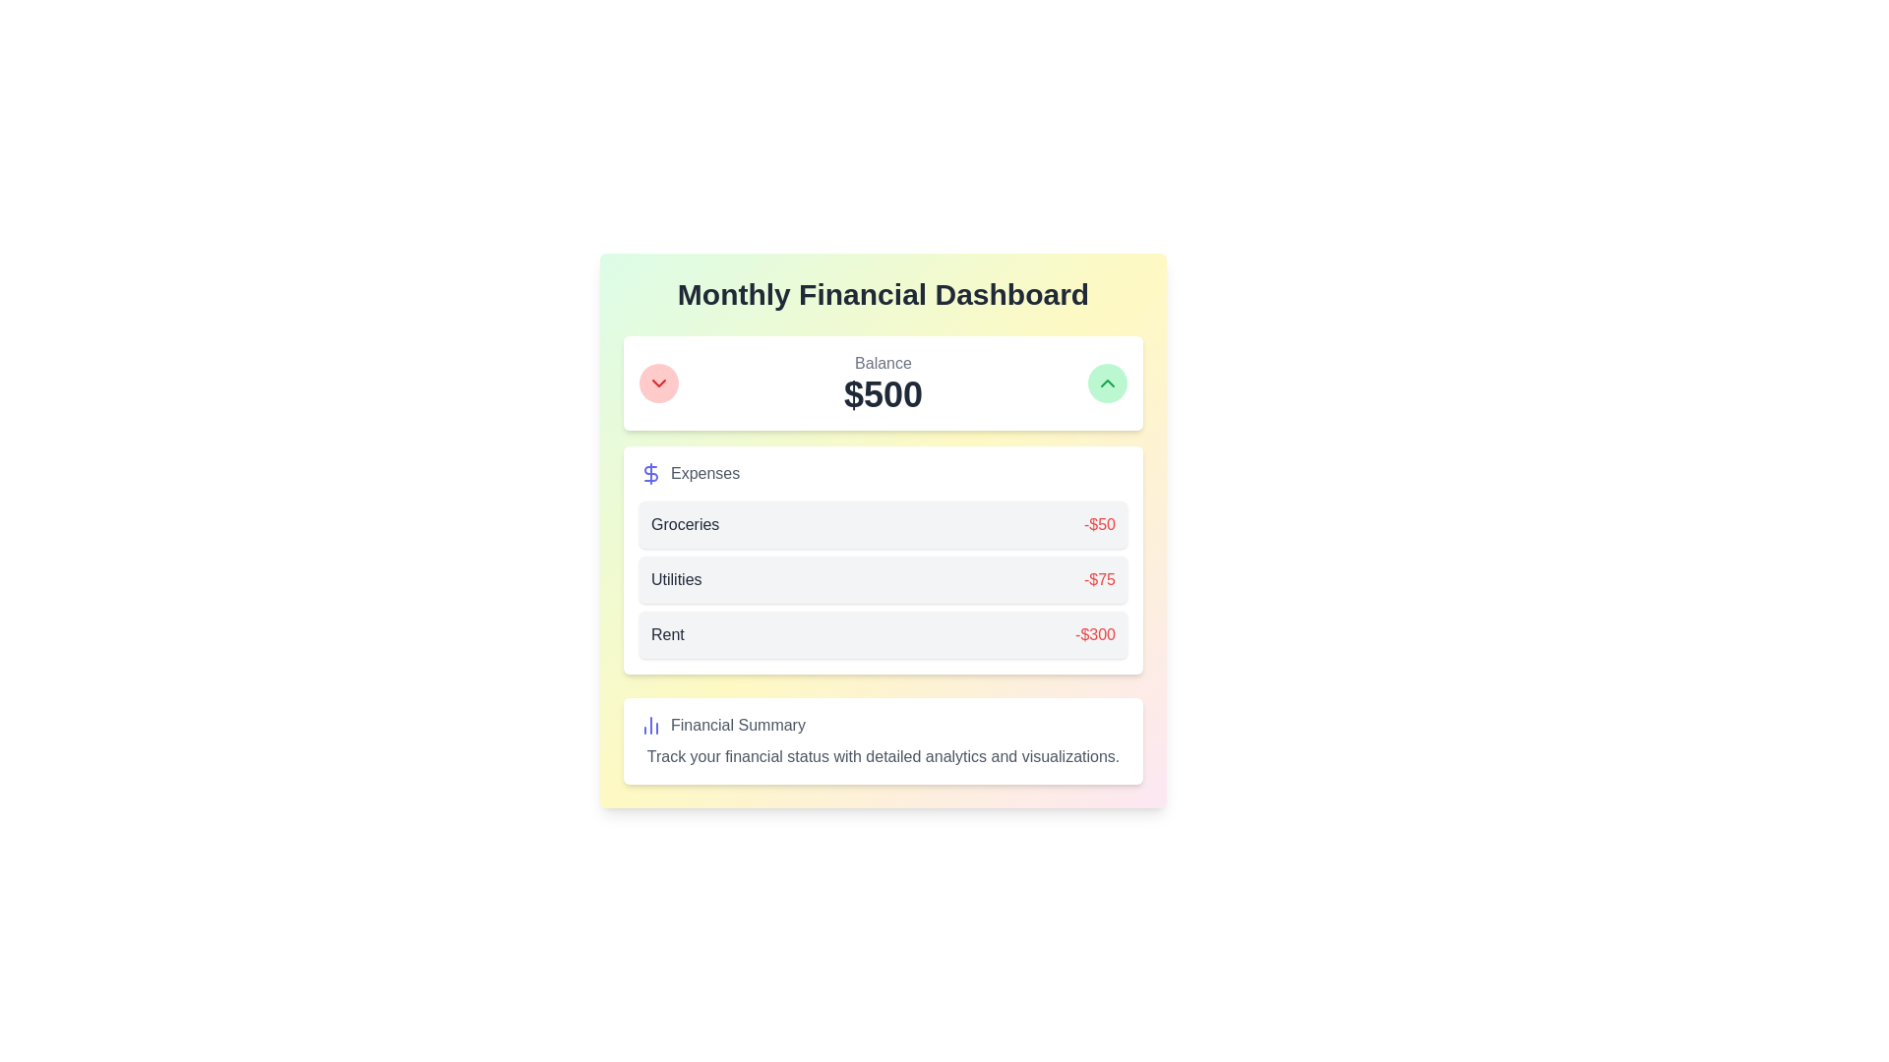 Image resolution: width=1889 pixels, height=1062 pixels. What do you see at coordinates (882, 579) in the screenshot?
I see `the second row in the 'Expenses' section that displays 'Utilities -$75'` at bounding box center [882, 579].